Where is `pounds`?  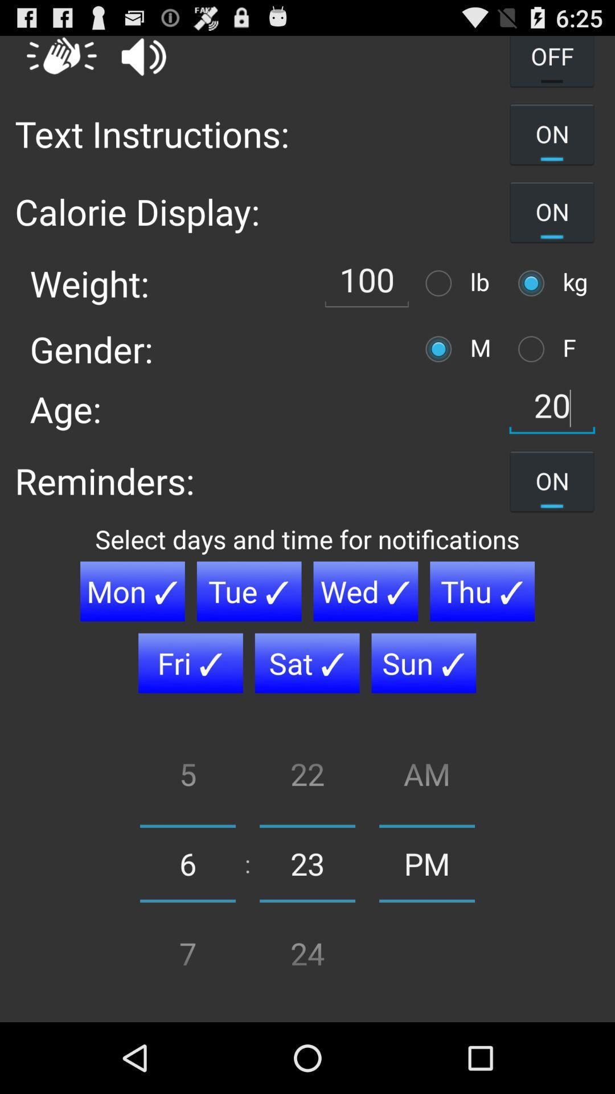 pounds is located at coordinates (441, 283).